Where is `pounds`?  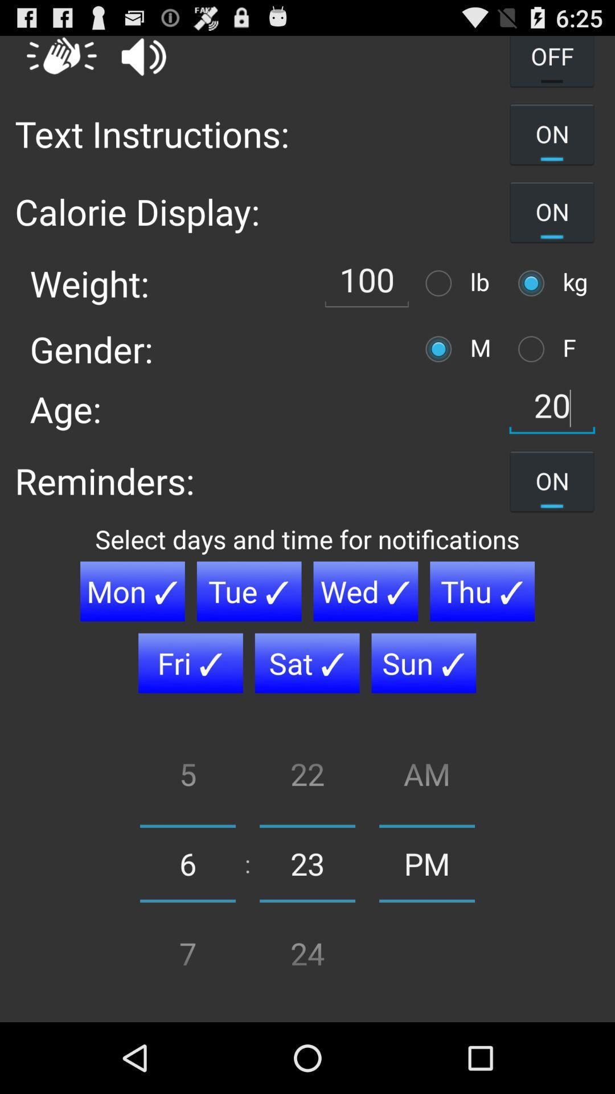 pounds is located at coordinates (441, 283).